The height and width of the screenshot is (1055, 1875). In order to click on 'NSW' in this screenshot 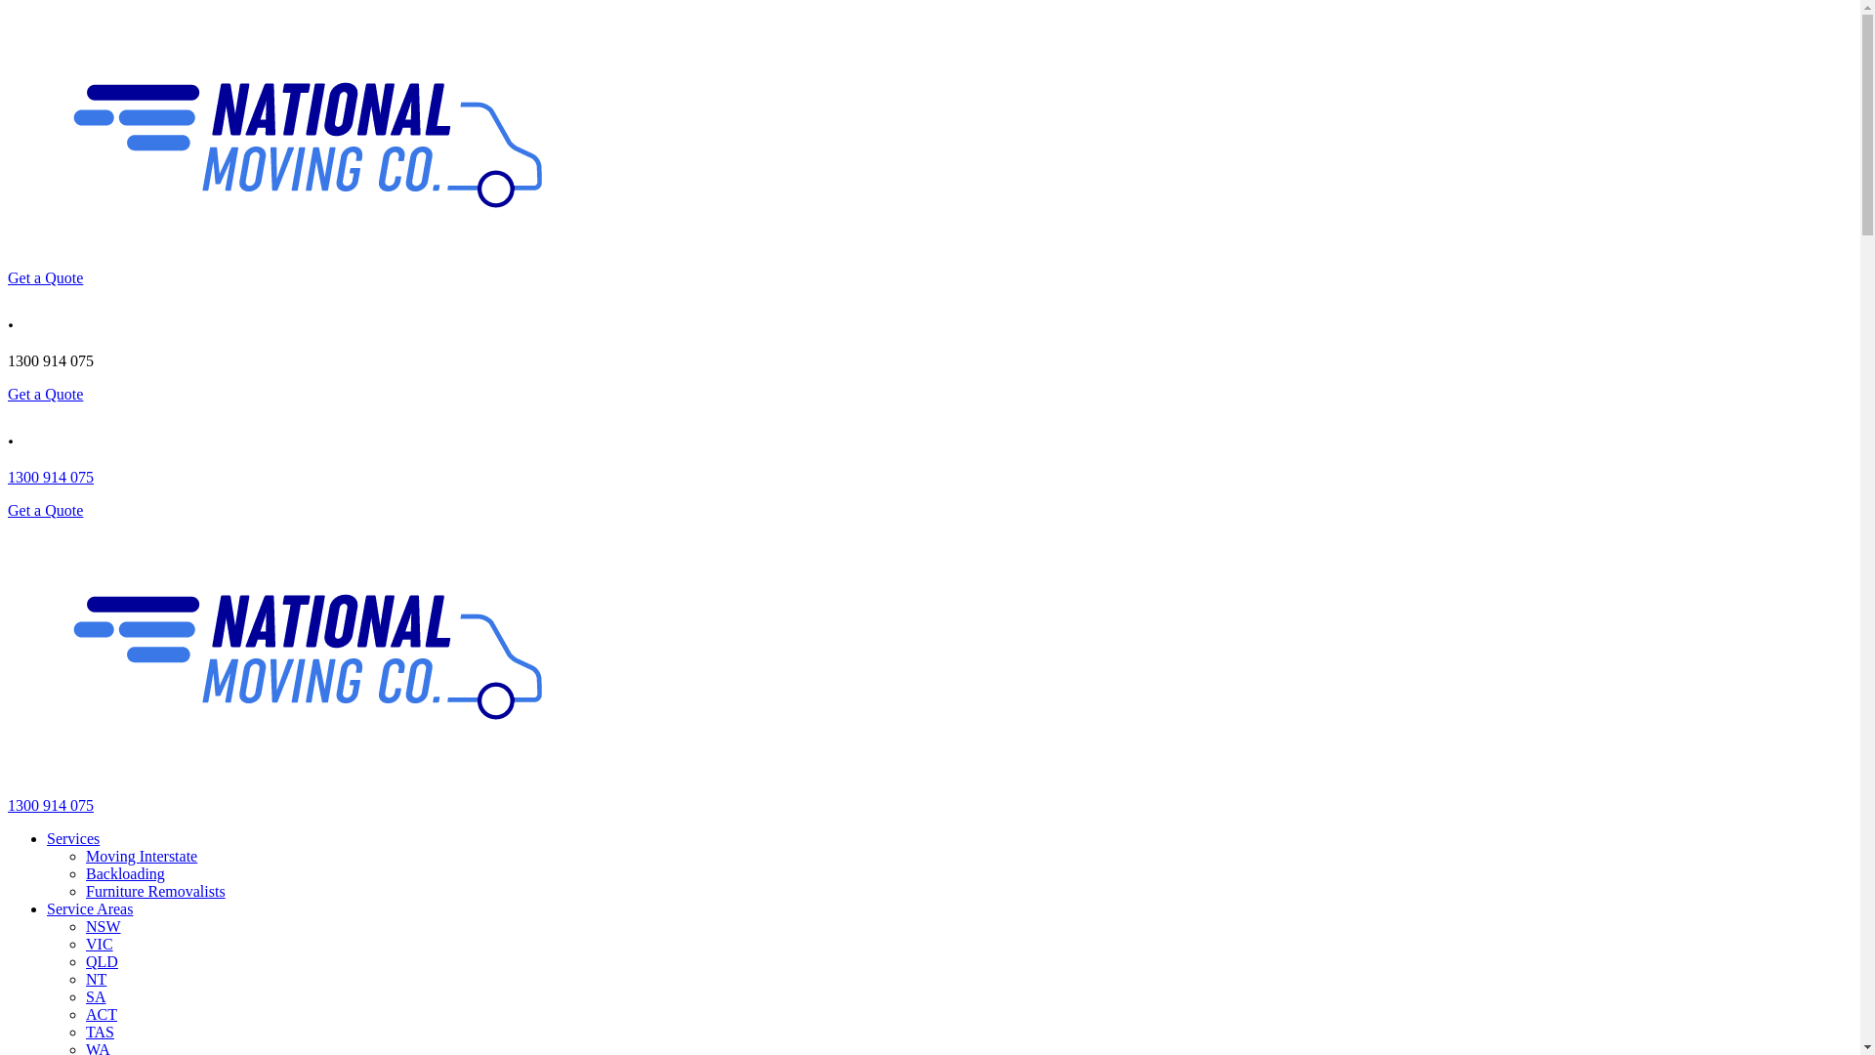, I will do `click(84, 925)`.